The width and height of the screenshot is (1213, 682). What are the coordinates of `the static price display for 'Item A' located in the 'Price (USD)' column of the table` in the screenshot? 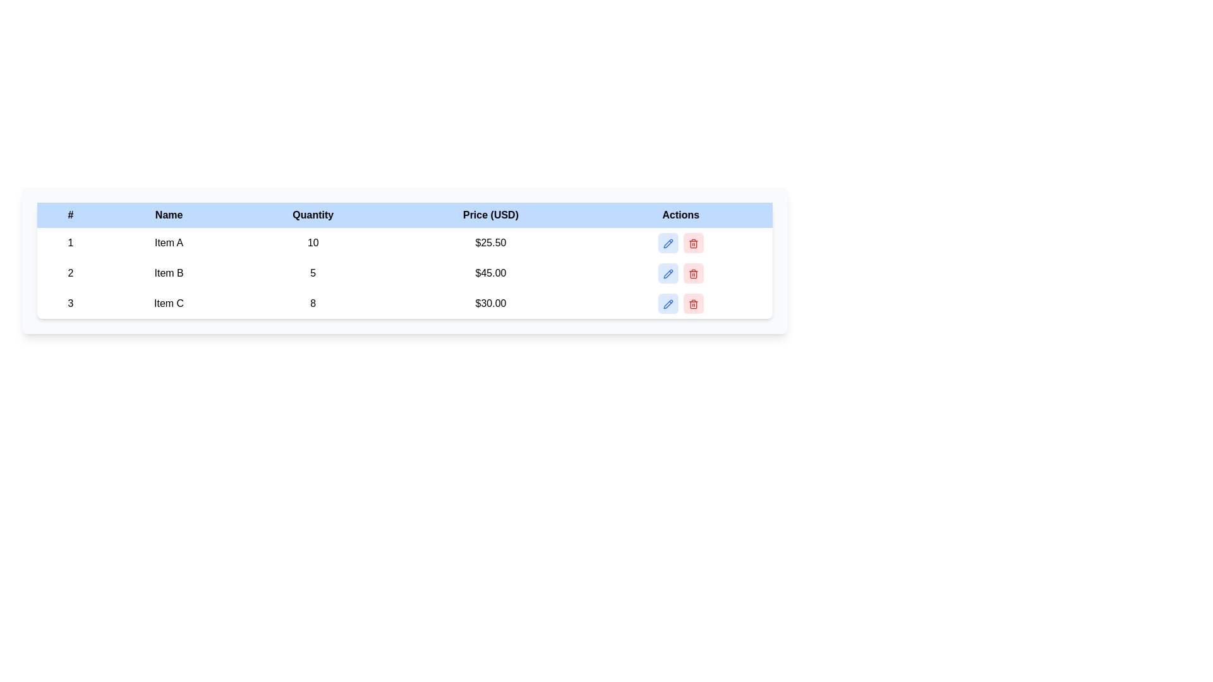 It's located at (490, 243).